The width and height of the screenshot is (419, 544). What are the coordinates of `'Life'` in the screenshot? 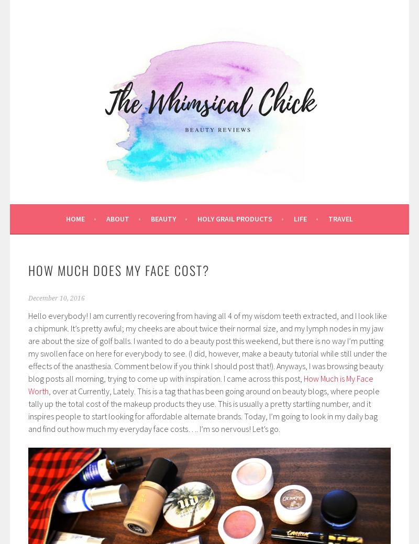 It's located at (300, 218).